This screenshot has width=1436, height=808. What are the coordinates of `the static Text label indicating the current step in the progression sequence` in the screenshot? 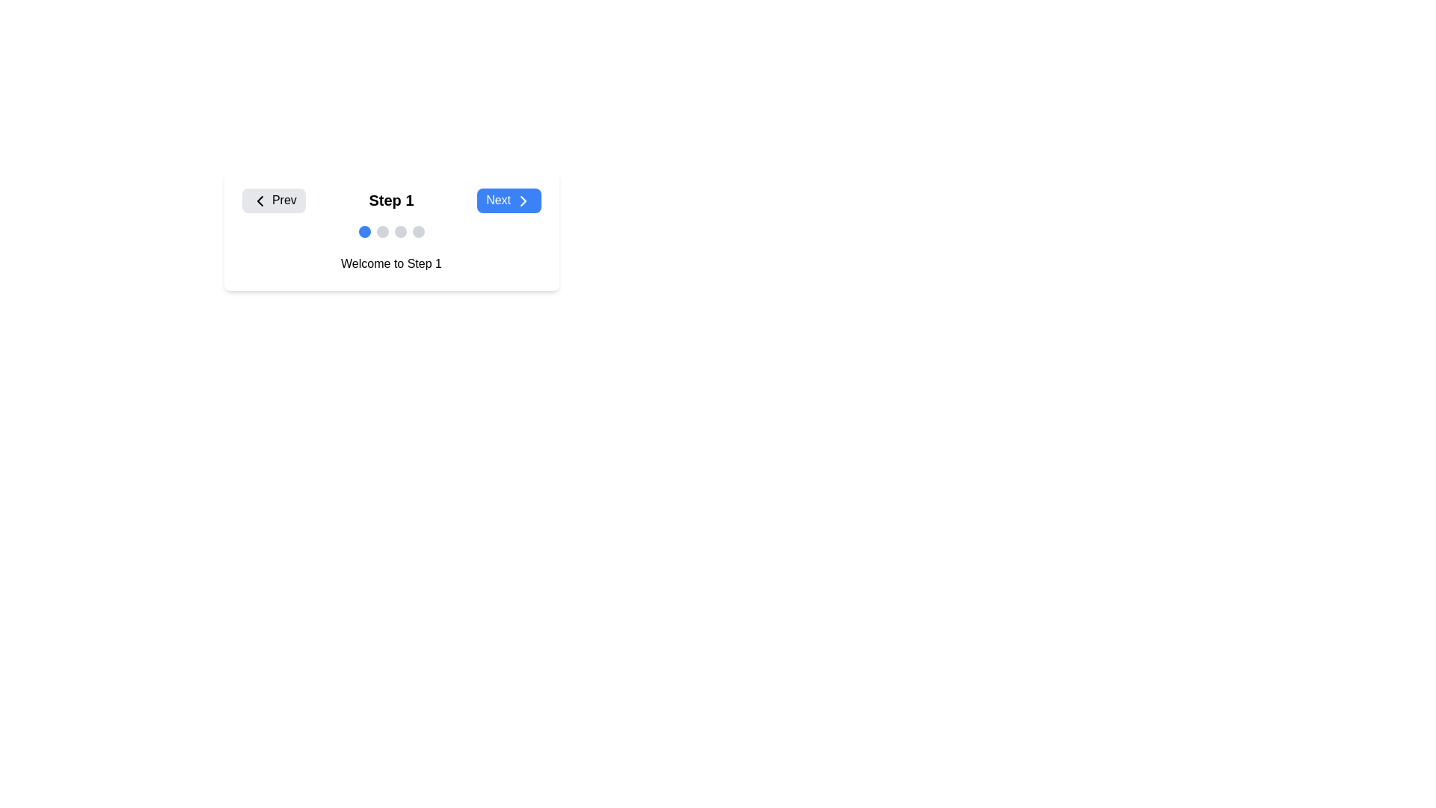 It's located at (391, 200).